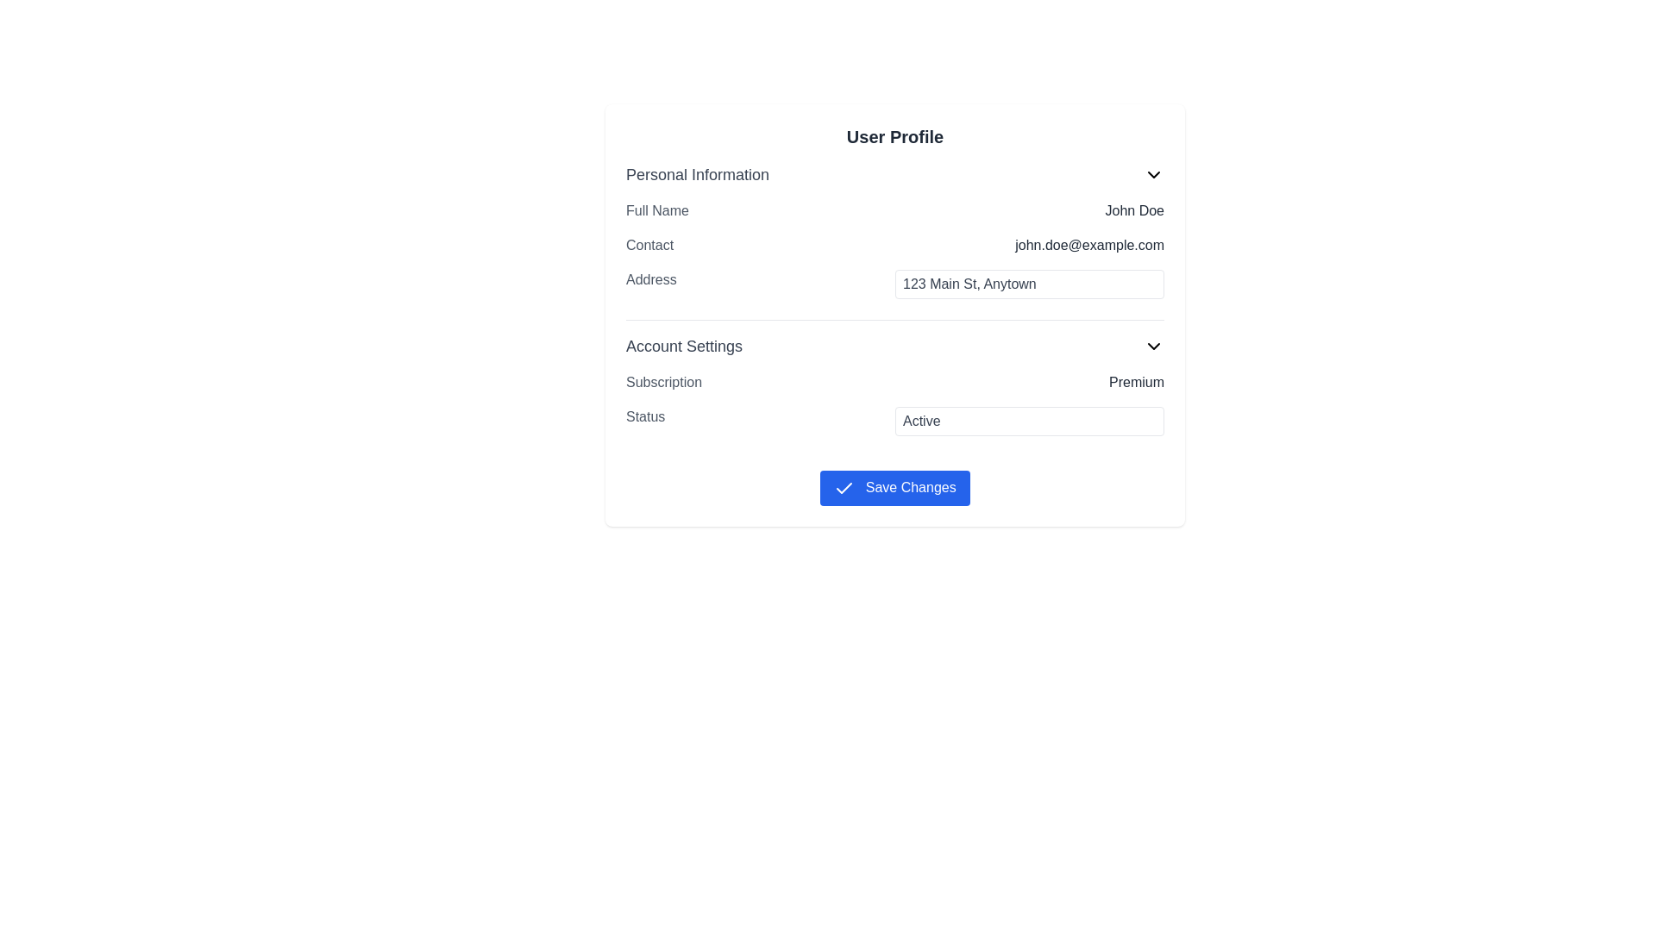  I want to click on the rectangular input field styled with borders and rounded corners, located below the 'Subscription' row in the 'Account Settings' section, to focus and edit its content, so click(894, 404).